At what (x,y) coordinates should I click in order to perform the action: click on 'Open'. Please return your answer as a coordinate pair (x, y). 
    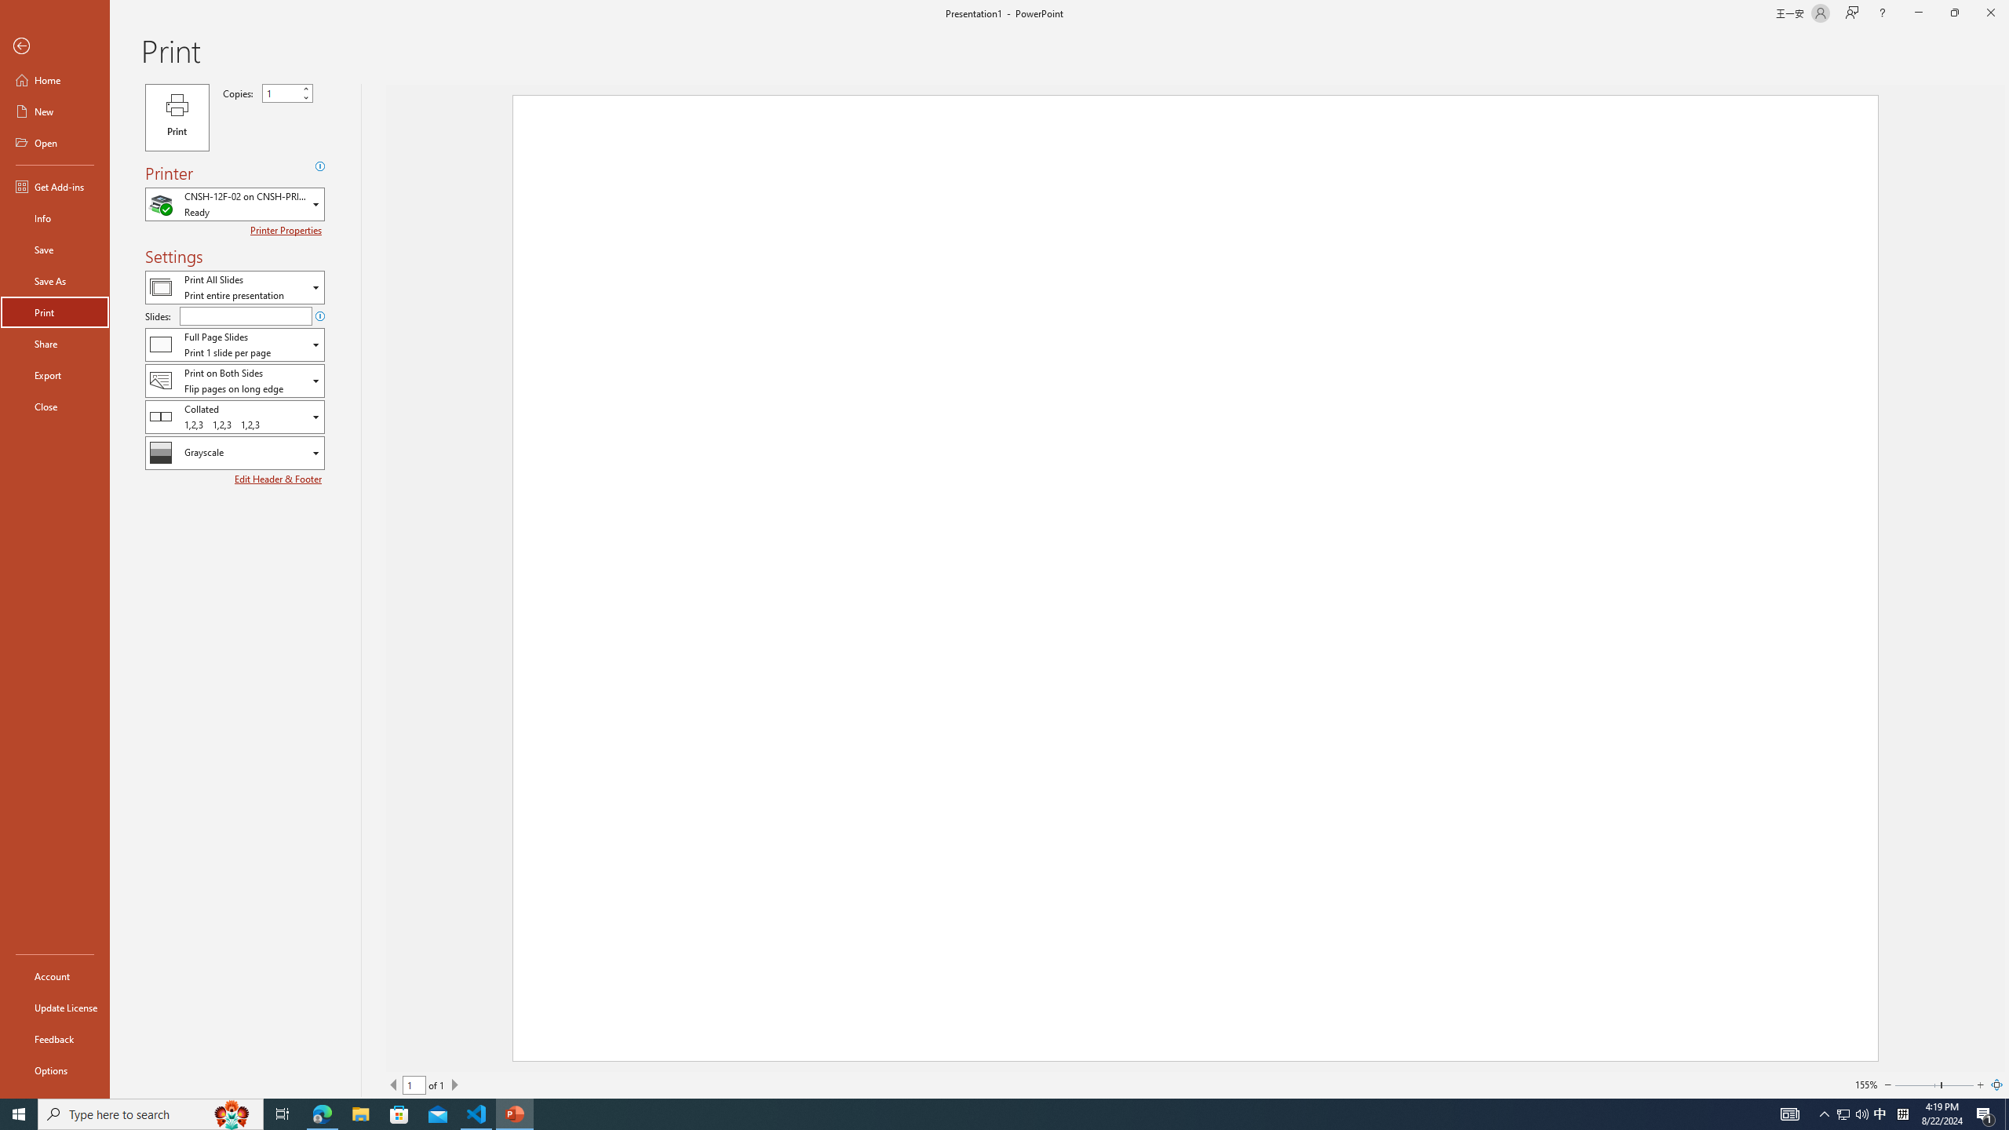
    Looking at the image, I should click on (54, 141).